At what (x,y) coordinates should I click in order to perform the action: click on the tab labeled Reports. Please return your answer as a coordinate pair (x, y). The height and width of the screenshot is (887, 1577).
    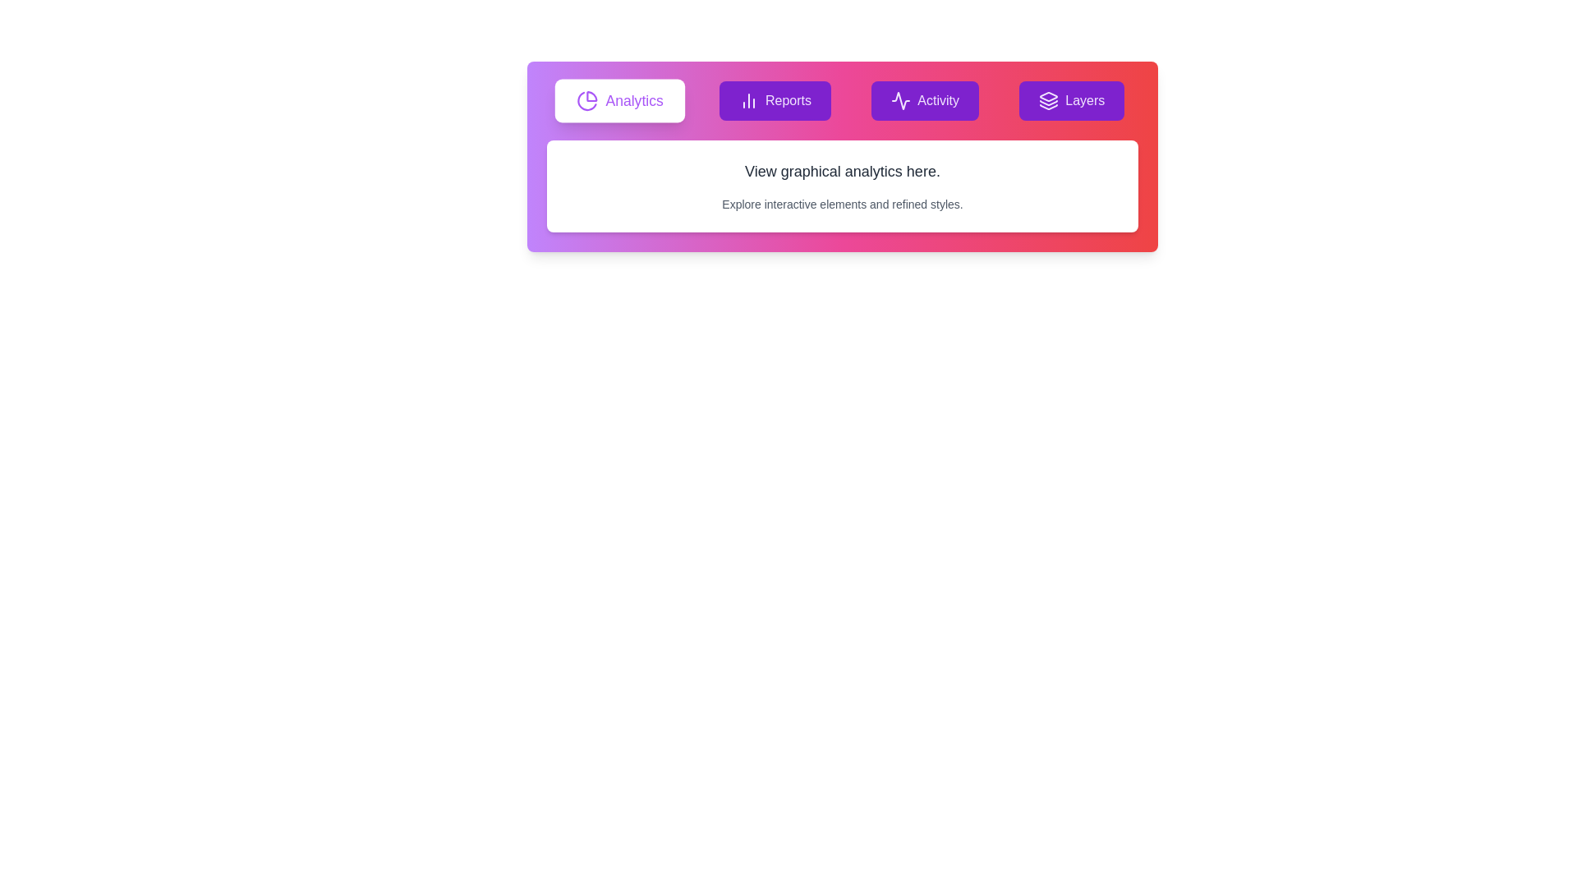
    Looking at the image, I should click on (775, 101).